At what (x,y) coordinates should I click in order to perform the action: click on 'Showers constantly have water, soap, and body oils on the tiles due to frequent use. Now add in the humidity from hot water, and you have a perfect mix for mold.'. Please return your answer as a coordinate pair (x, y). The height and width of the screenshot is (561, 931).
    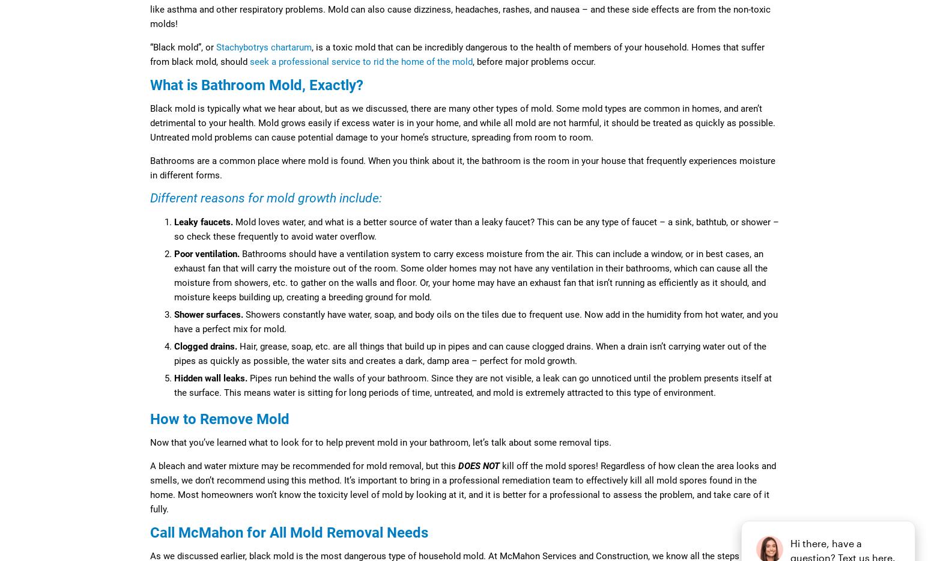
    Looking at the image, I should click on (475, 322).